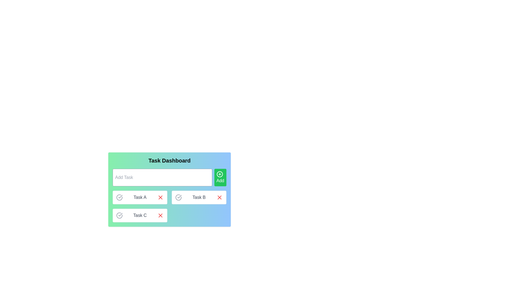 This screenshot has height=295, width=525. I want to click on the delete button located in the lower section of the interface, specifically within the third task item labeled 'Task C', so click(160, 215).